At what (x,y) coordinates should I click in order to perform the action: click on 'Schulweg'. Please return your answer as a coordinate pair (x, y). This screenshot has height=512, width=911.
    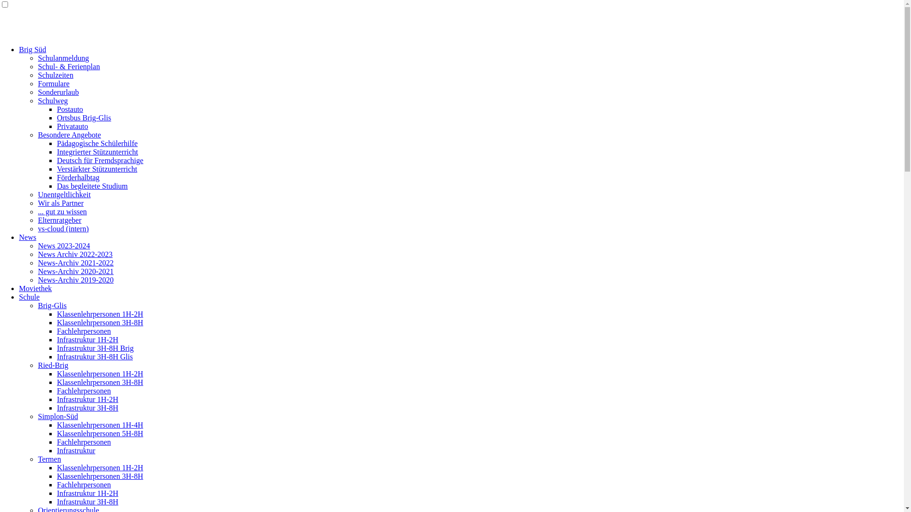
    Looking at the image, I should click on (52, 101).